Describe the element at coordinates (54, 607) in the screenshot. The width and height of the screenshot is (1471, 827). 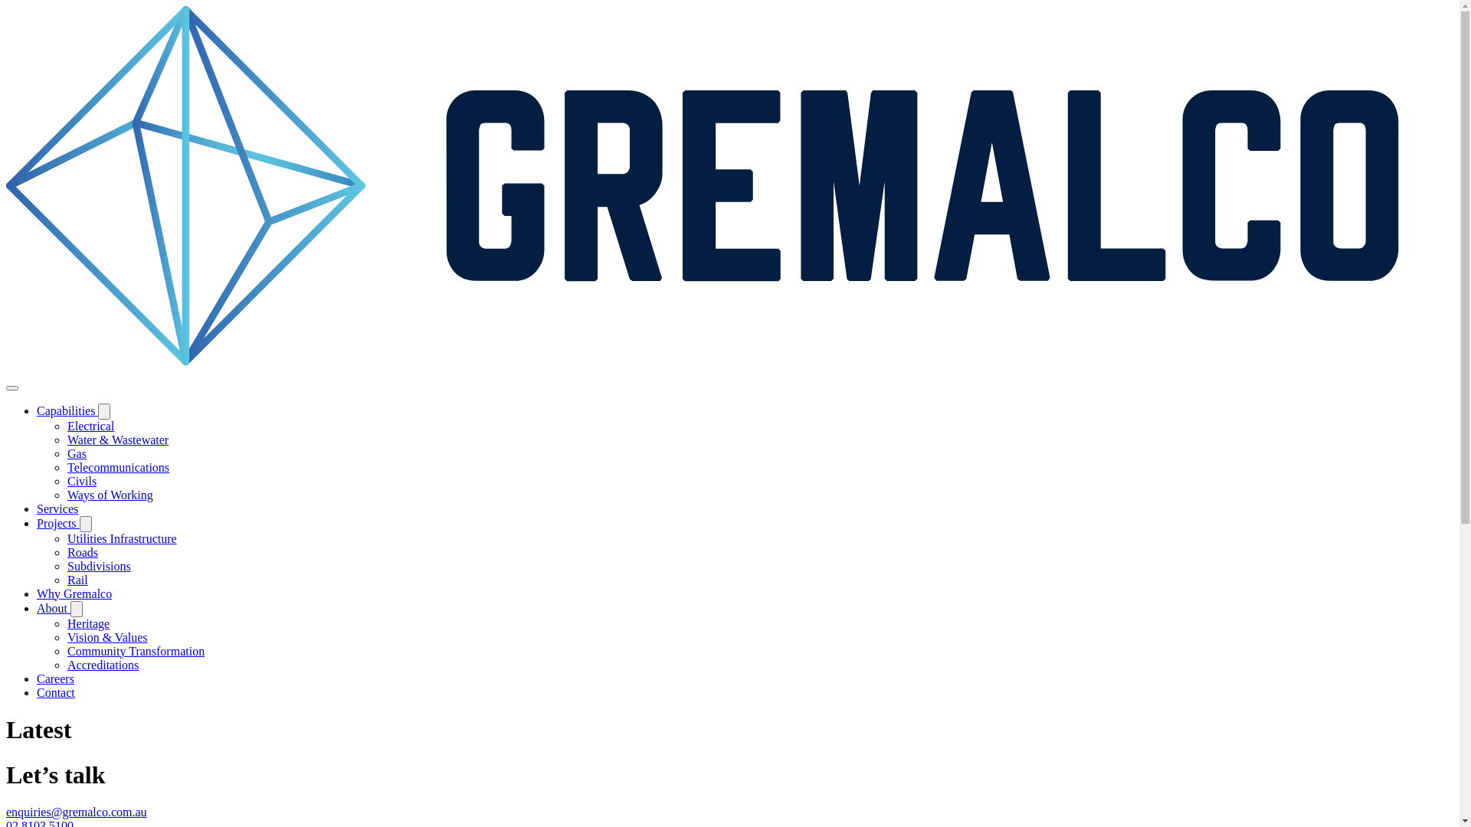
I see `'About'` at that location.